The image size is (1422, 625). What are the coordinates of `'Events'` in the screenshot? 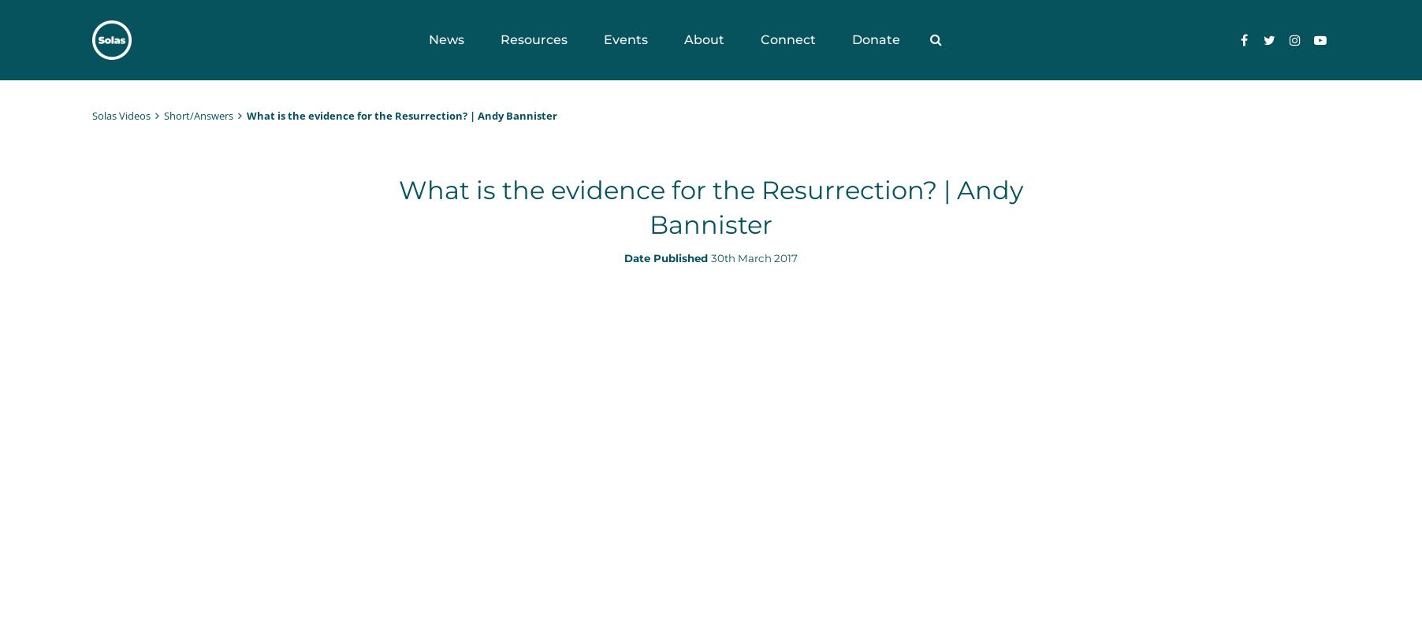 It's located at (624, 39).